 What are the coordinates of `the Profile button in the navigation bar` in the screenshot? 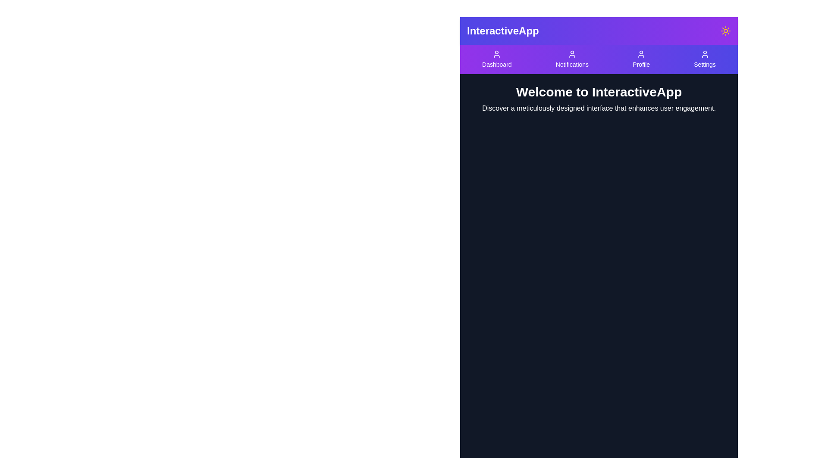 It's located at (641, 59).